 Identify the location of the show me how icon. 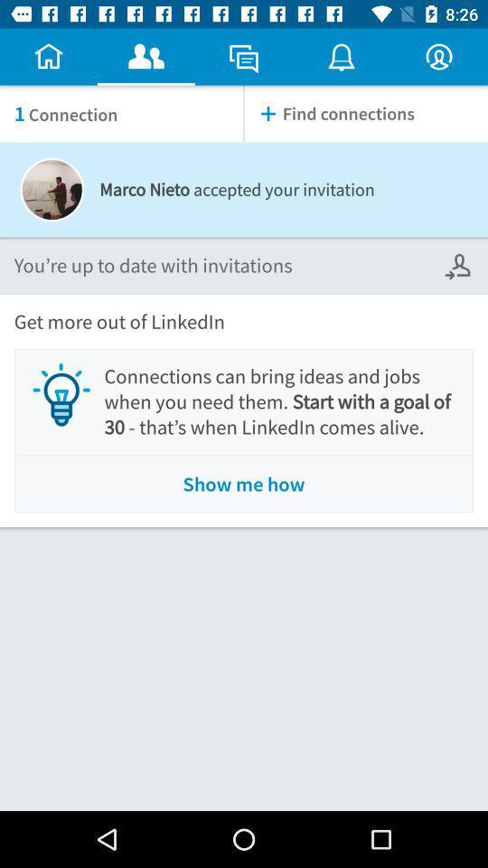
(244, 483).